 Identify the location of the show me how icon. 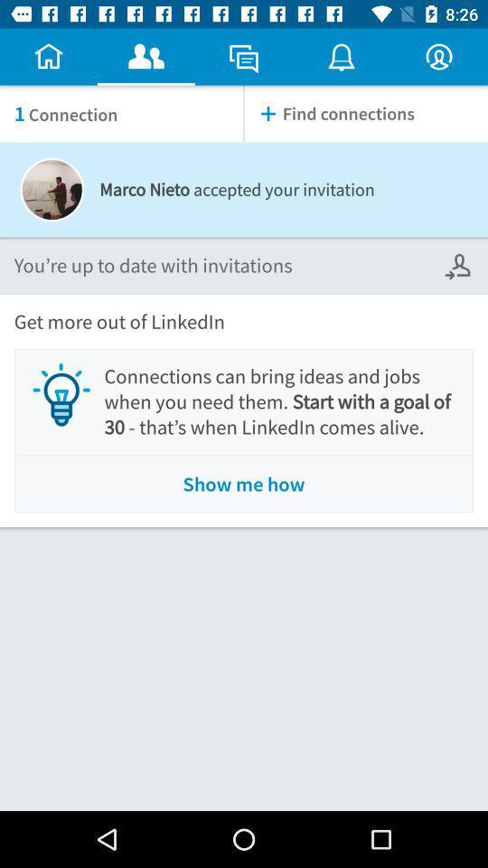
(244, 483).